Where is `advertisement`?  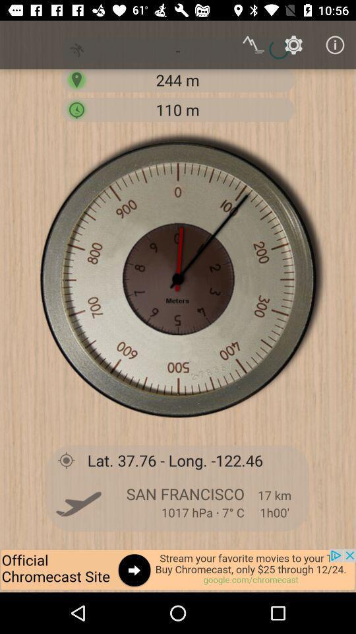 advertisement is located at coordinates (178, 570).